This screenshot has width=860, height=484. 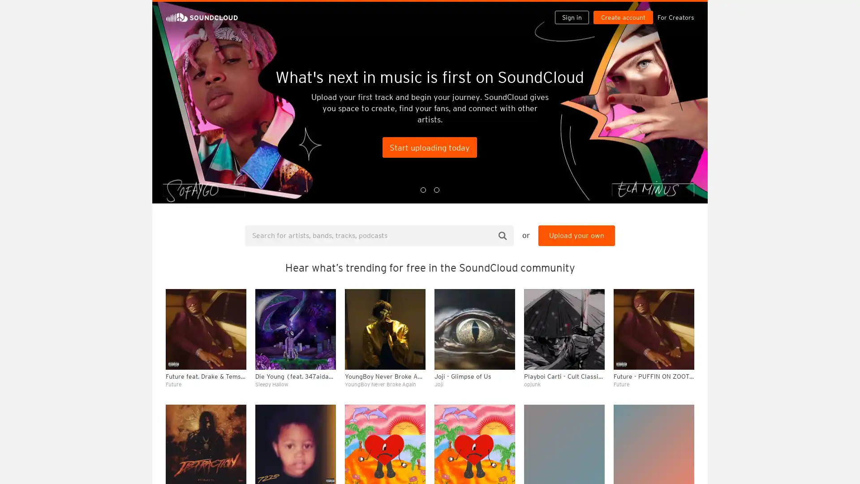 I want to click on Clear, so click(x=664, y=245).